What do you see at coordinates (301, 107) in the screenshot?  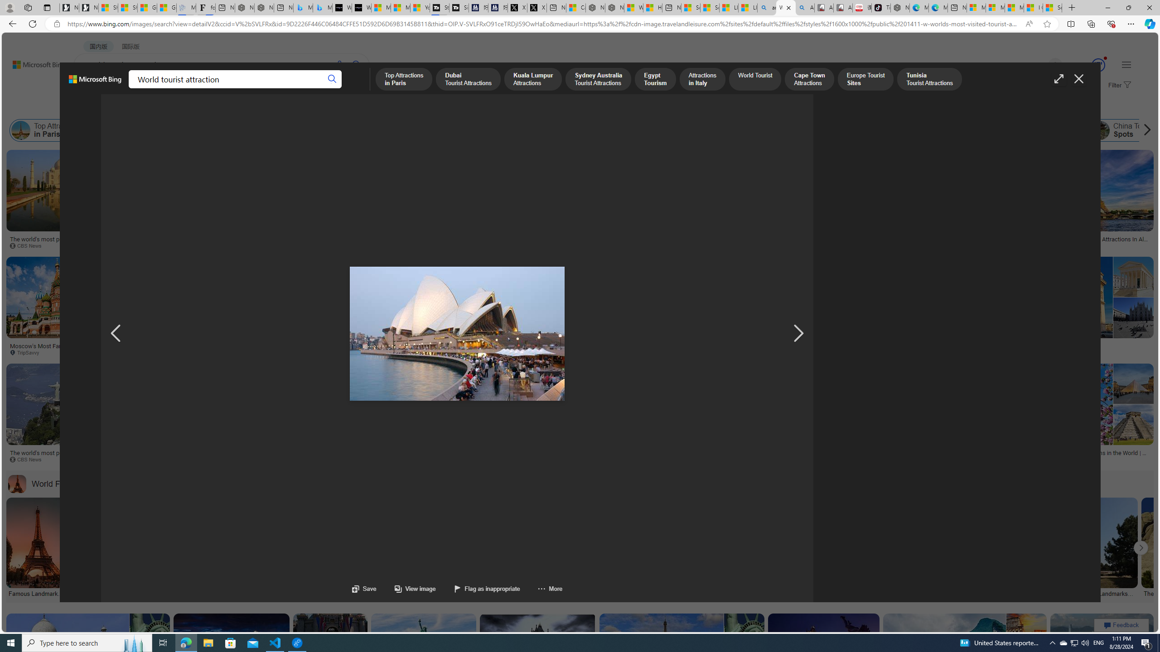 I see `'License'` at bounding box center [301, 107].